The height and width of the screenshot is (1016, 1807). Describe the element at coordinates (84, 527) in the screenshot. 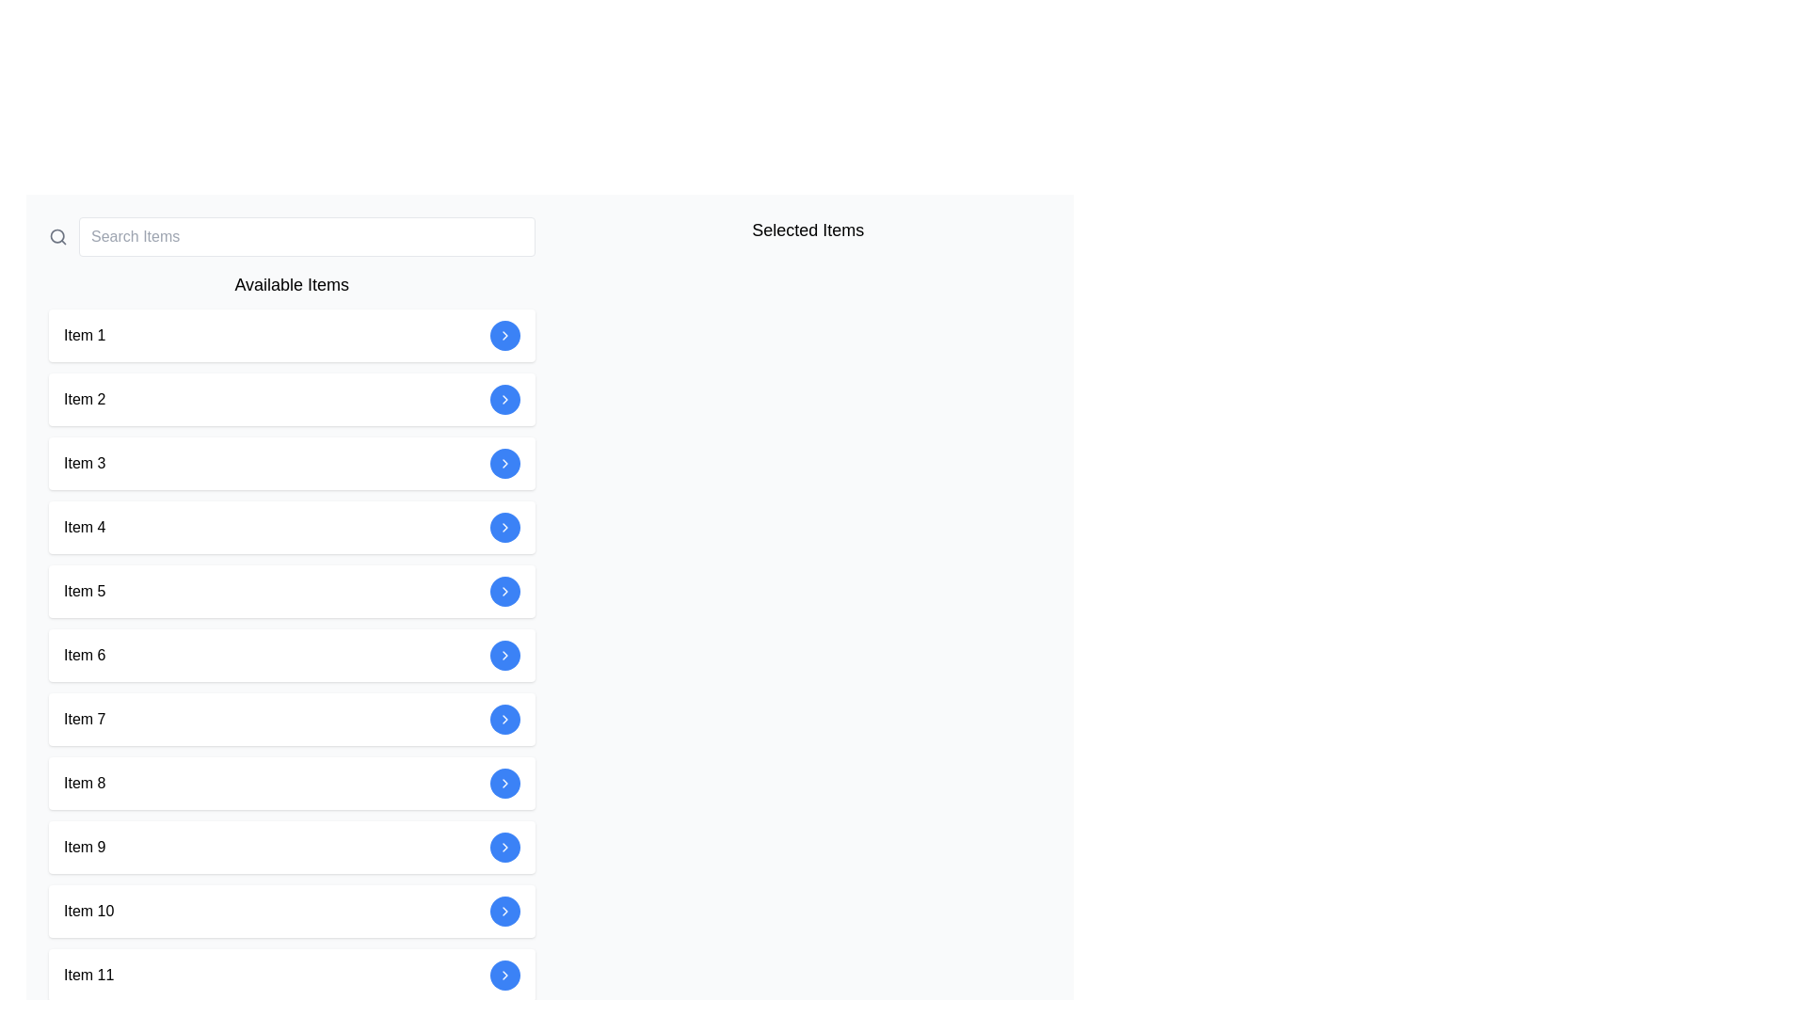

I see `the text label indicating the item's name in the fourth card under the 'Available Items' section` at that location.